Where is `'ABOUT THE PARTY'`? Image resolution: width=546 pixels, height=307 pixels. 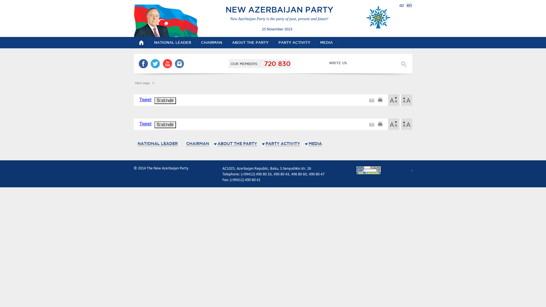
'ABOUT THE PARTY' is located at coordinates (250, 42).